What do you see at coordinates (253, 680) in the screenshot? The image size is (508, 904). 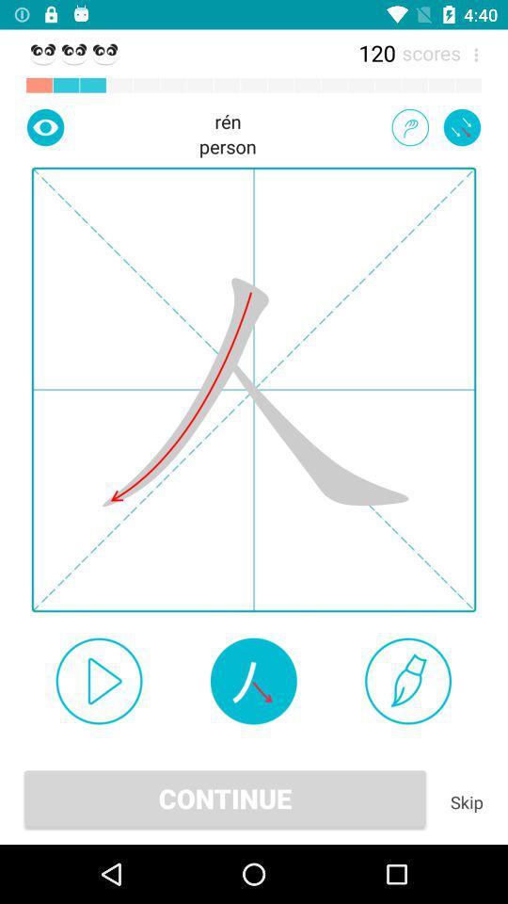 I see `the icon above continue icon` at bounding box center [253, 680].